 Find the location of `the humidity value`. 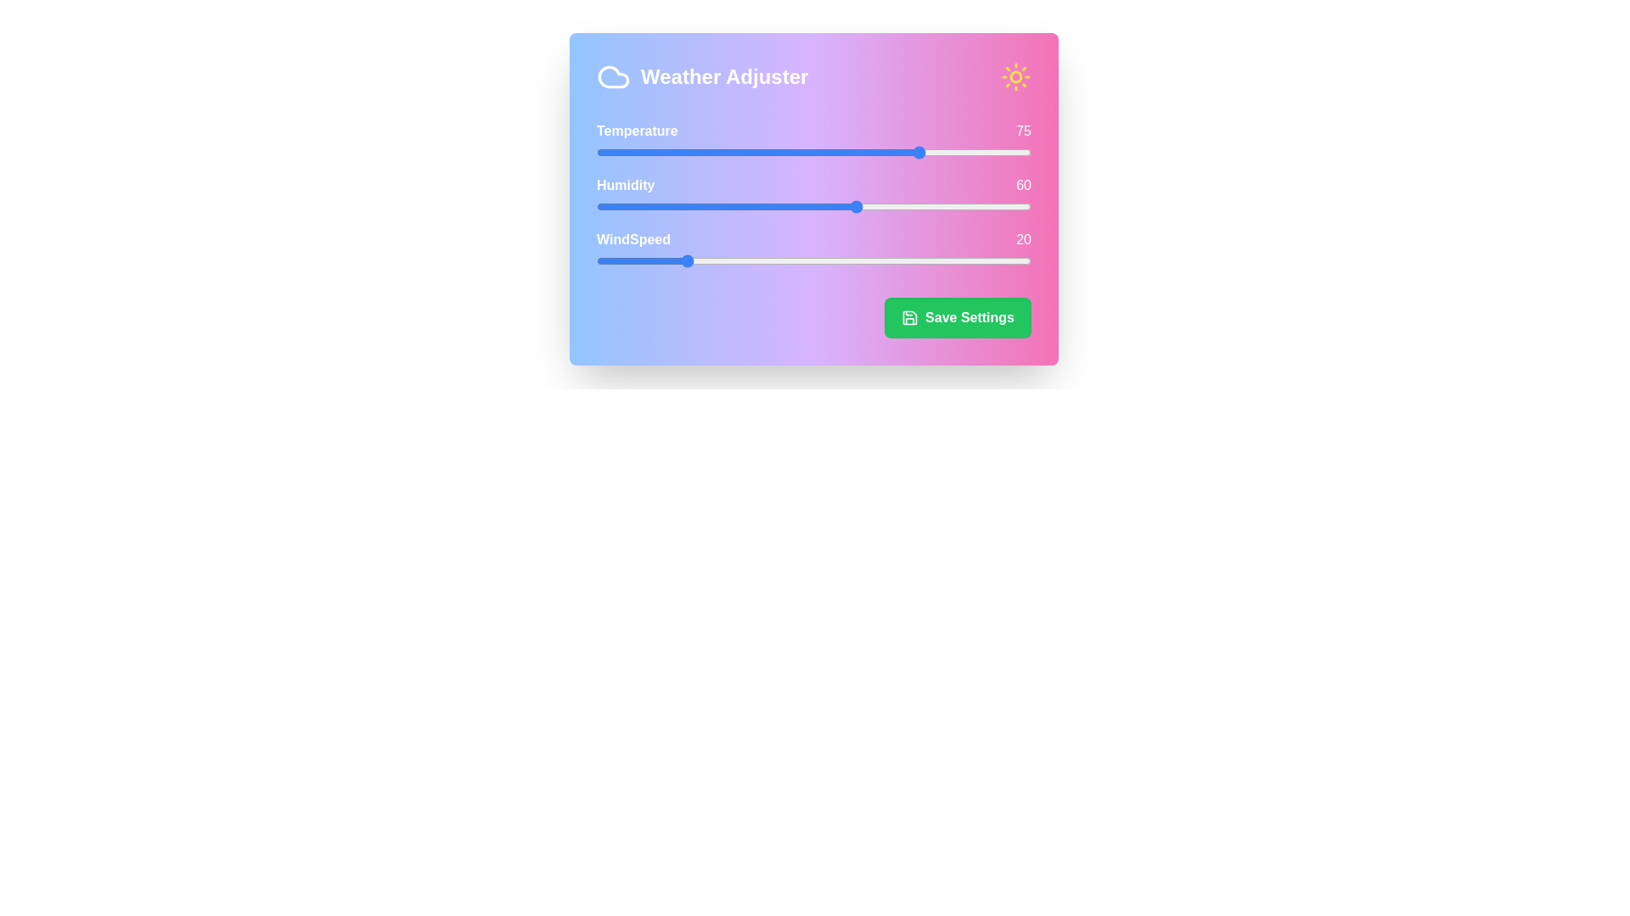

the humidity value is located at coordinates (883, 205).